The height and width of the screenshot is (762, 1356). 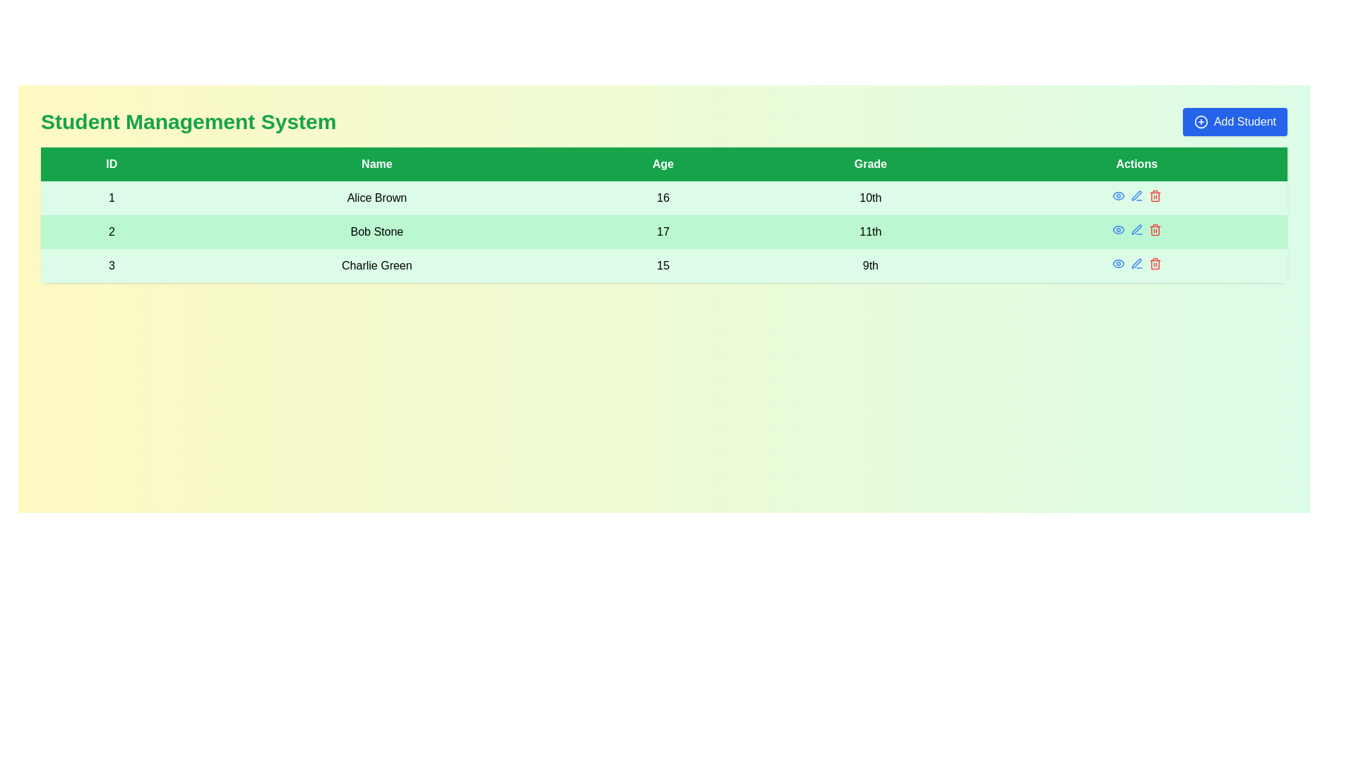 What do you see at coordinates (663, 163) in the screenshot?
I see `text of the headers from the Table Header Row, which spans the full width of the table and is located below the 'Student Management System' label` at bounding box center [663, 163].